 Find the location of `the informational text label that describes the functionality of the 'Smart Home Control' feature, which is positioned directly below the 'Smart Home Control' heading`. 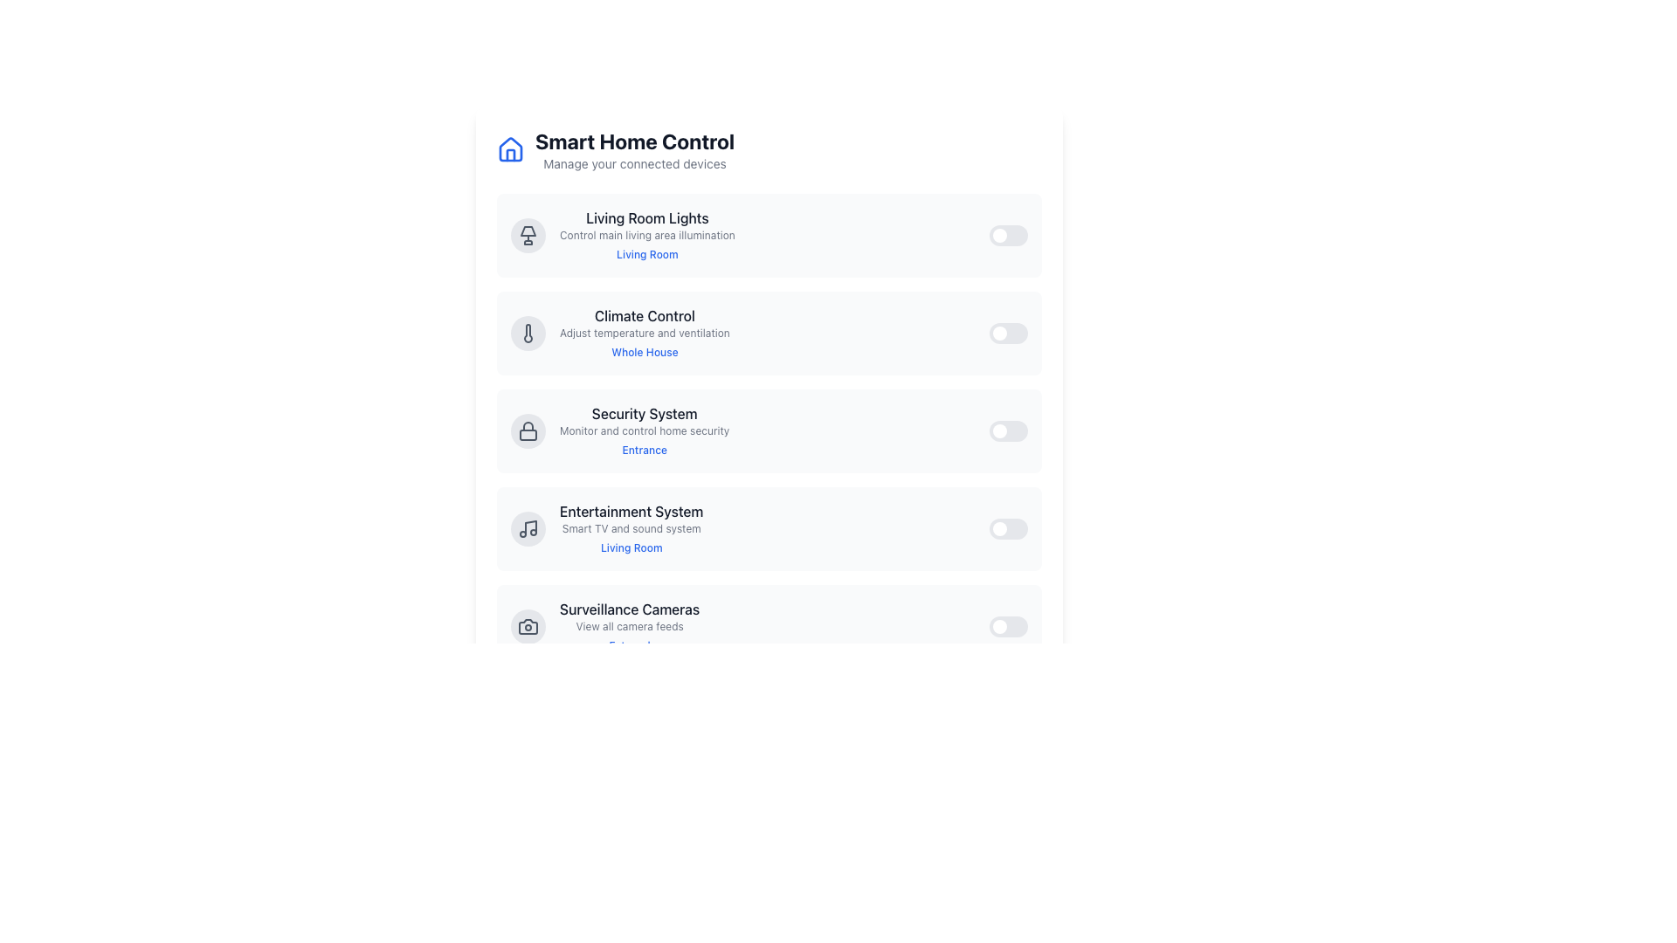

the informational text label that describes the functionality of the 'Smart Home Control' feature, which is positioned directly below the 'Smart Home Control' heading is located at coordinates (634, 164).